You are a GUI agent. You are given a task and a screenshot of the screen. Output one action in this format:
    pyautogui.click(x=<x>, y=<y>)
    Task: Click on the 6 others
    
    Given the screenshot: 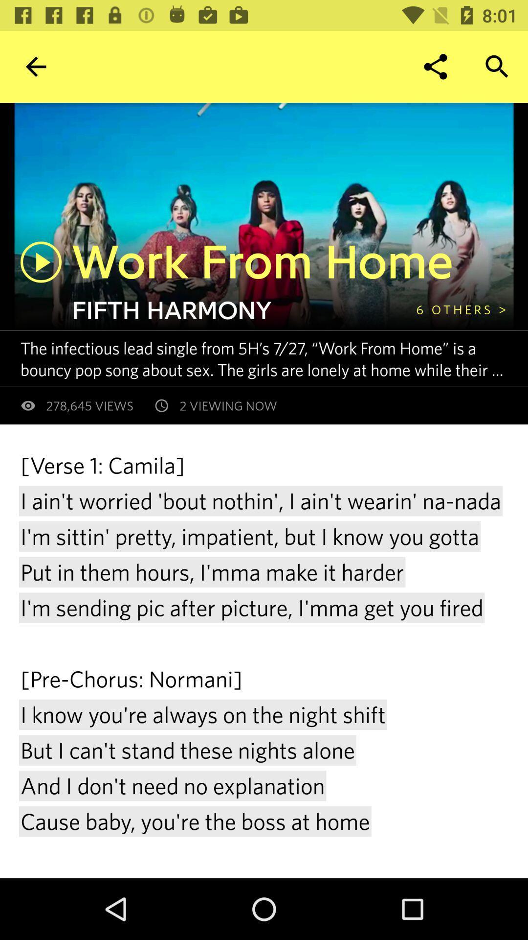 What is the action you would take?
    pyautogui.click(x=461, y=309)
    